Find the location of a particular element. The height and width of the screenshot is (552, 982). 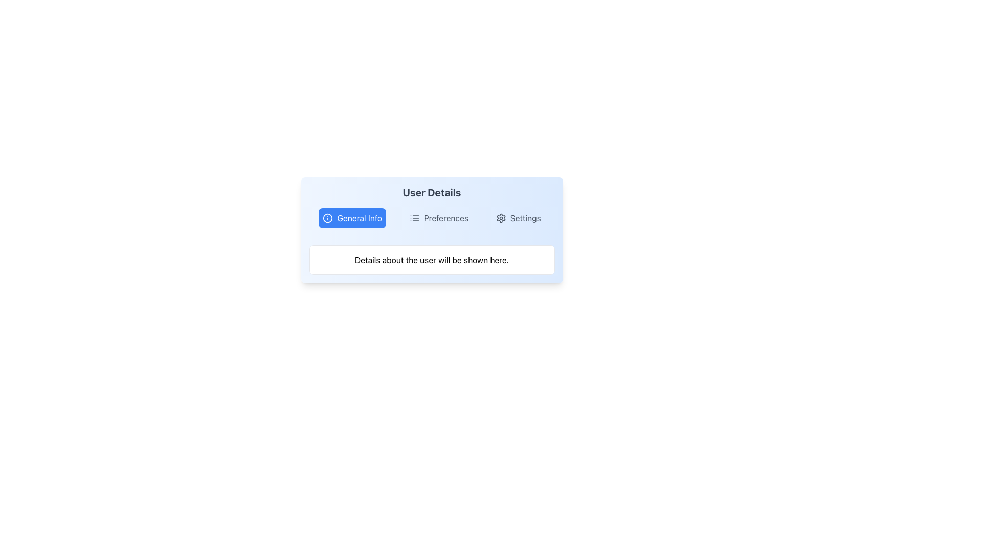

the 'Settings' button that contains the gear-shaped icon, which is part of the navigation bar below the 'User Details' header is located at coordinates (501, 218).